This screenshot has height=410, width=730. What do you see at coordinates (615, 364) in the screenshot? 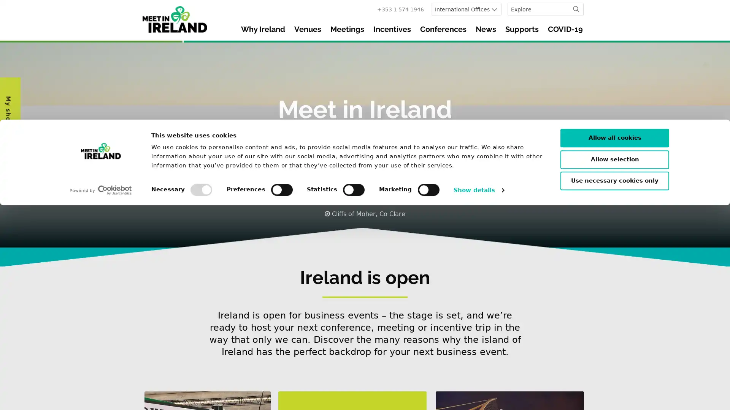
I see `Allow selection` at bounding box center [615, 364].